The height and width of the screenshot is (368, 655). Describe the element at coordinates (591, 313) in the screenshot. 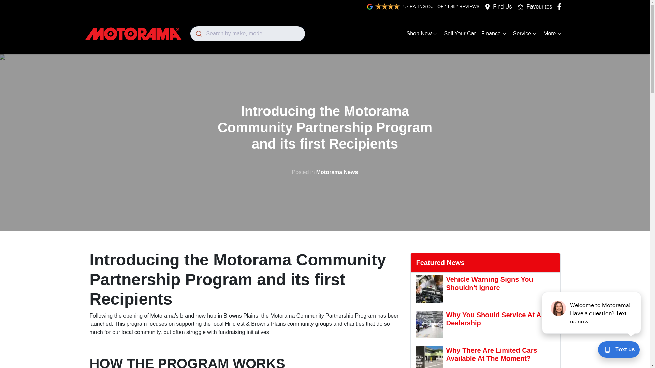

I see `'podium webchat widget prompt'` at that location.